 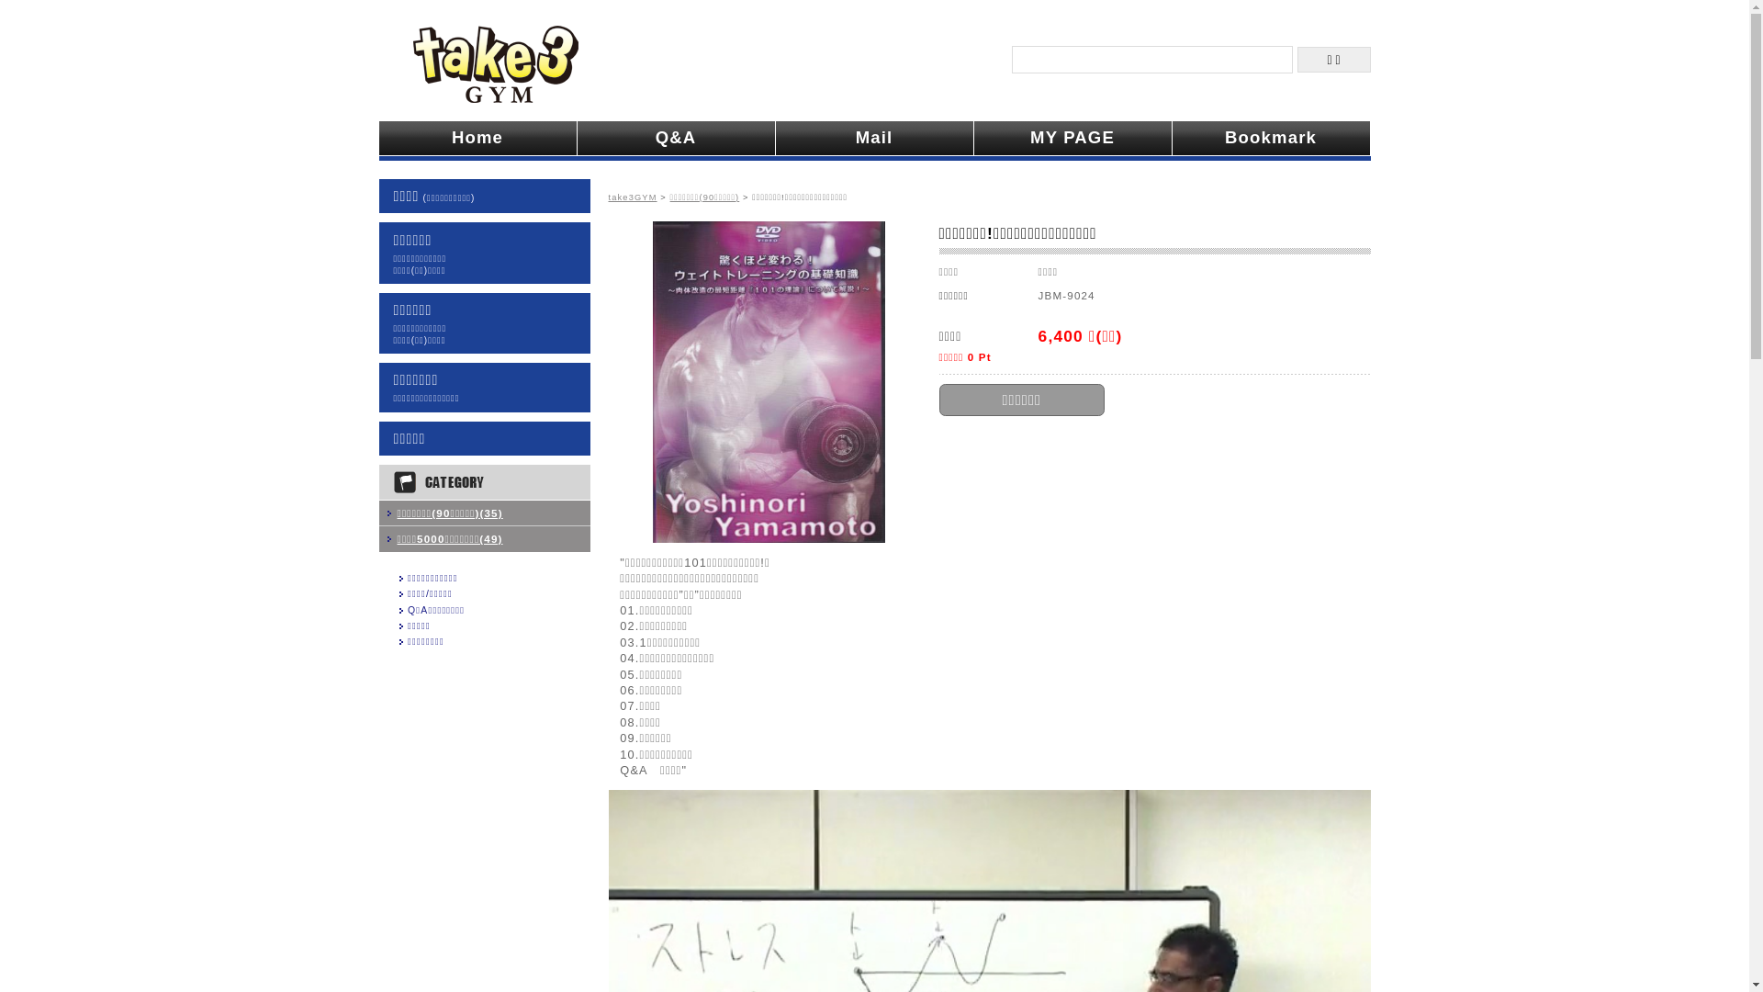 What do you see at coordinates (632, 197) in the screenshot?
I see `'take3GYM'` at bounding box center [632, 197].